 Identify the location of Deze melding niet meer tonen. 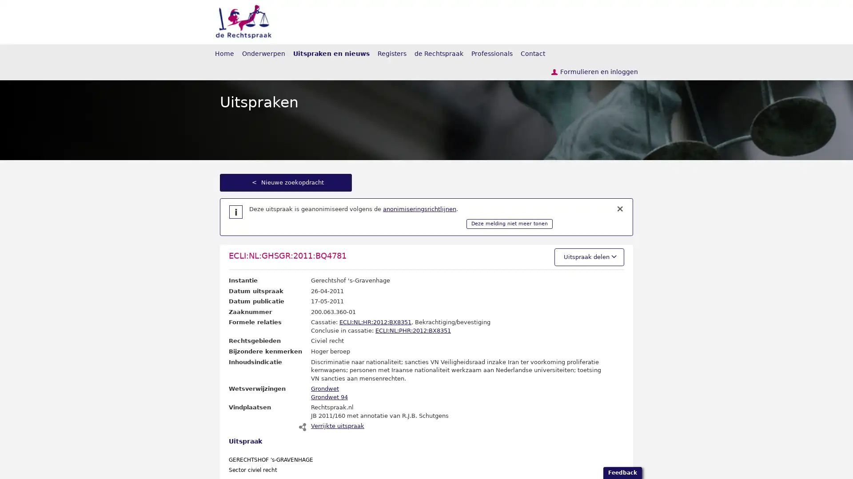
(509, 224).